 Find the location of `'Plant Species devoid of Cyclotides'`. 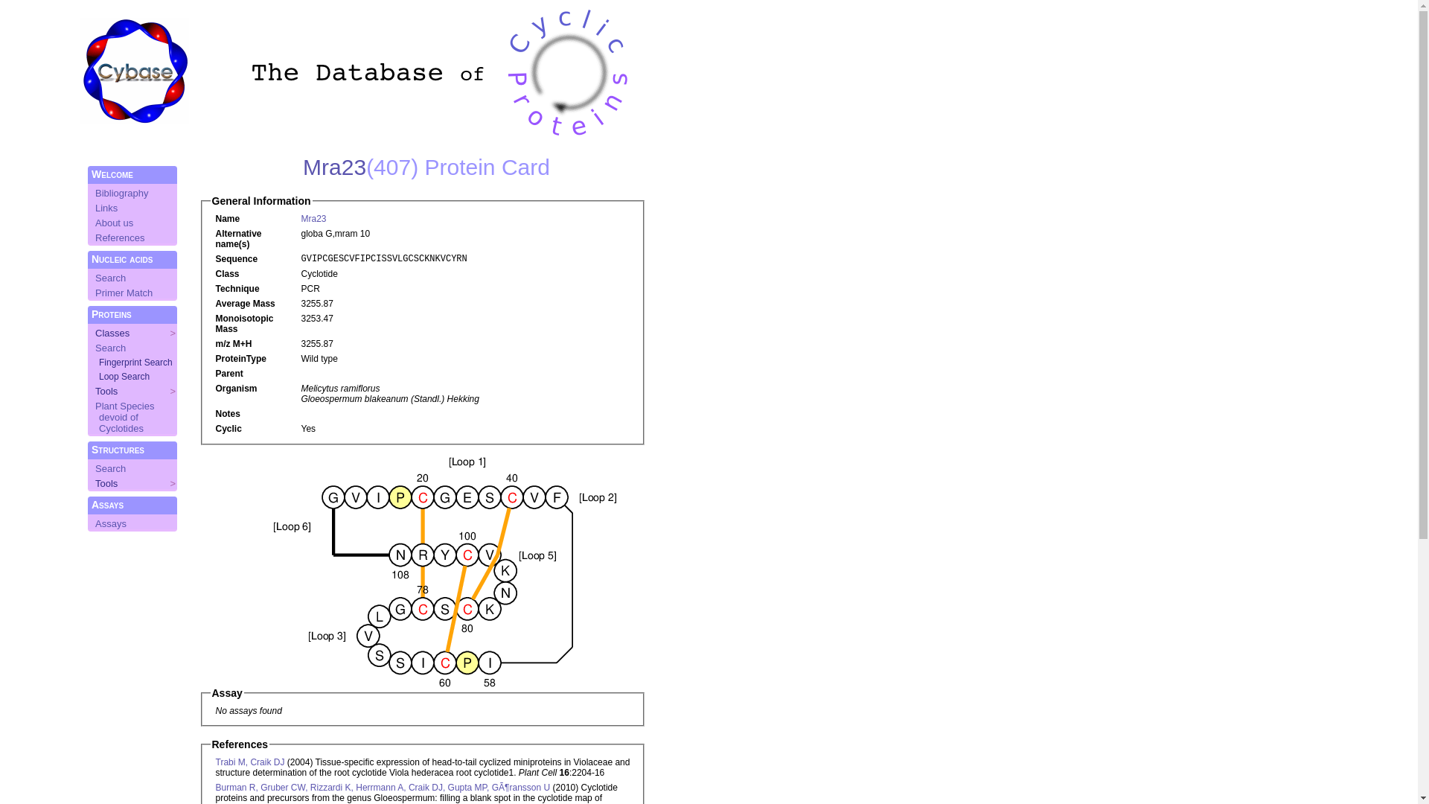

'Plant Species devoid of Cyclotides' is located at coordinates (125, 417).